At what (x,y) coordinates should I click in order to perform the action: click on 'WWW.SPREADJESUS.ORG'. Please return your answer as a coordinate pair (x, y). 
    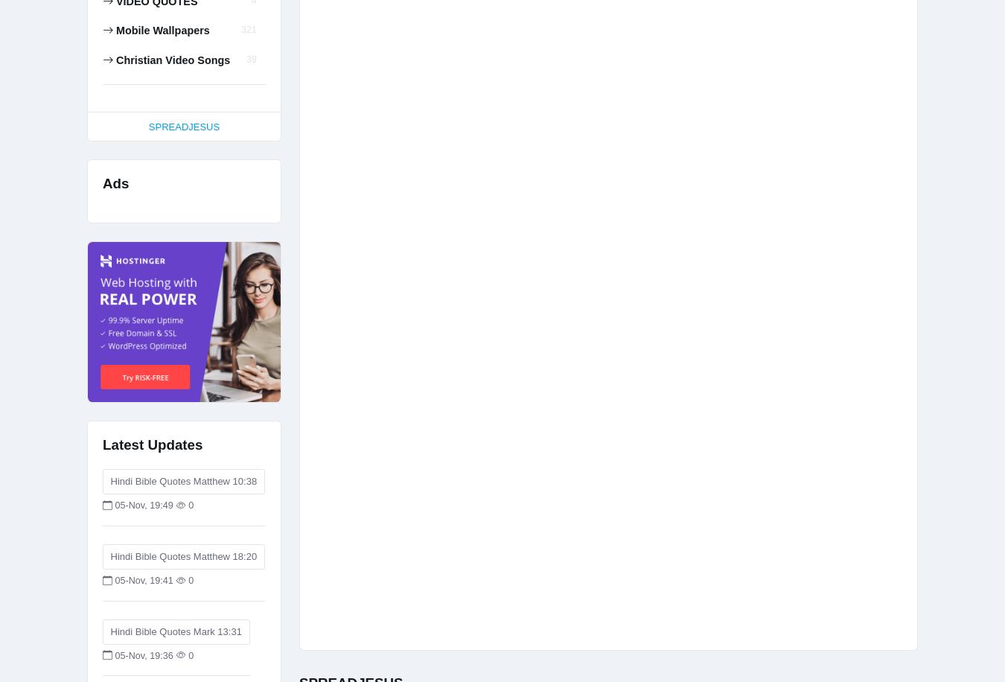
    Looking at the image, I should click on (741, 117).